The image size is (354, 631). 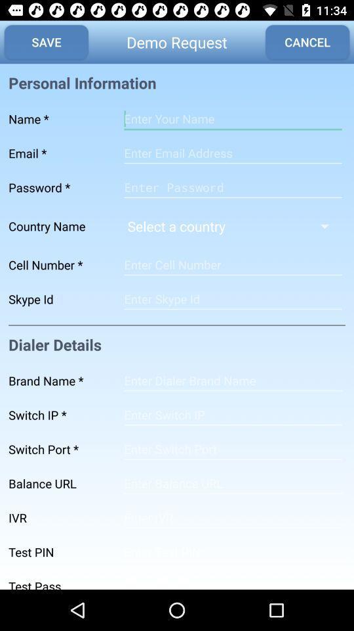 What do you see at coordinates (232, 153) in the screenshot?
I see `text box` at bounding box center [232, 153].